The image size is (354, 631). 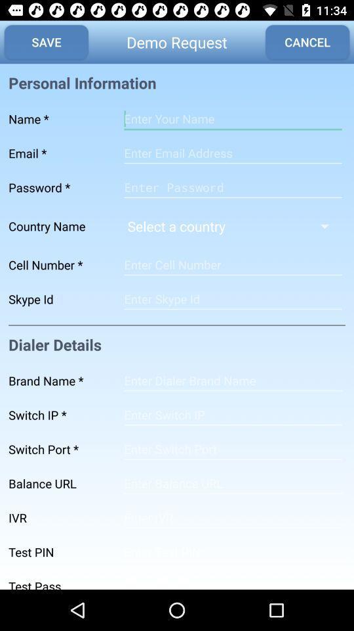 What do you see at coordinates (232, 153) in the screenshot?
I see `text box` at bounding box center [232, 153].